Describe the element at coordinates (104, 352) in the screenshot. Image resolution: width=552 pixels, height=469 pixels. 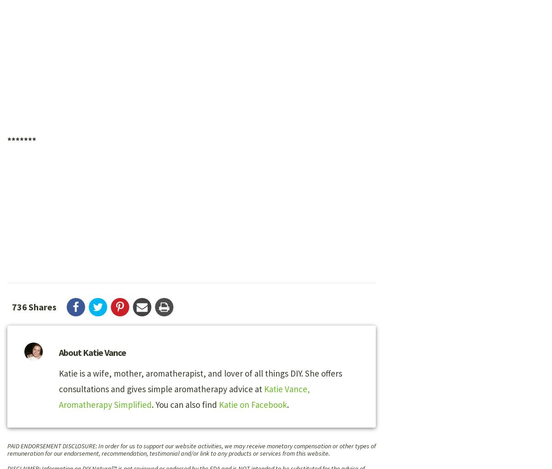
I see `'Katie Vance'` at that location.